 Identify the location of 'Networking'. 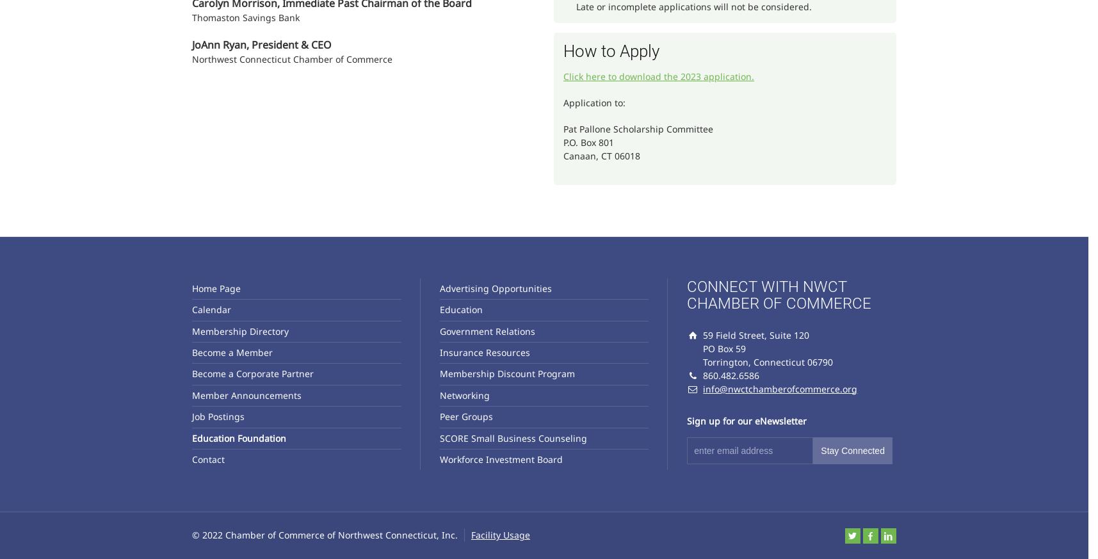
(439, 394).